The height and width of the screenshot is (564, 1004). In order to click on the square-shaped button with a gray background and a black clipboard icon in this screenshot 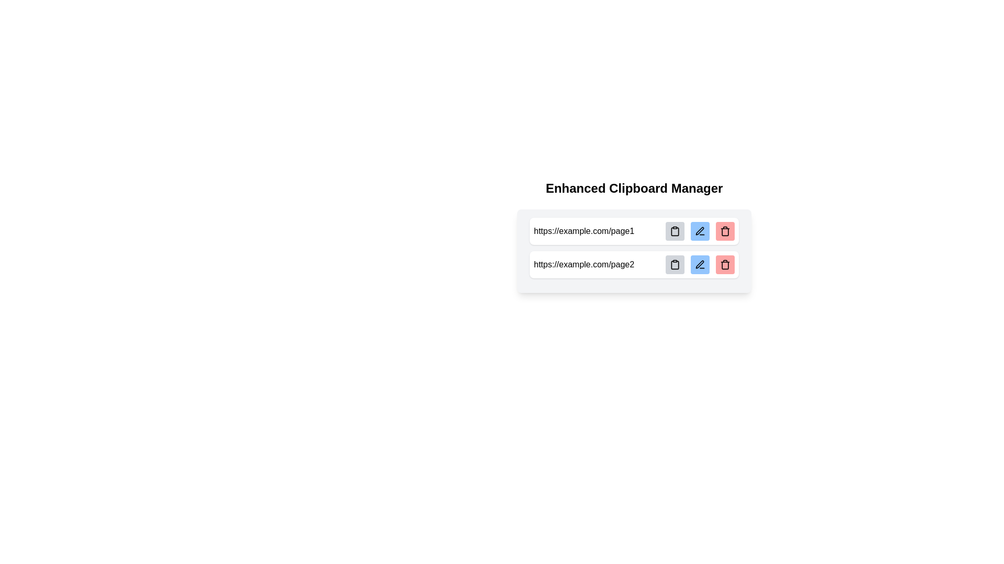, I will do `click(675, 264)`.